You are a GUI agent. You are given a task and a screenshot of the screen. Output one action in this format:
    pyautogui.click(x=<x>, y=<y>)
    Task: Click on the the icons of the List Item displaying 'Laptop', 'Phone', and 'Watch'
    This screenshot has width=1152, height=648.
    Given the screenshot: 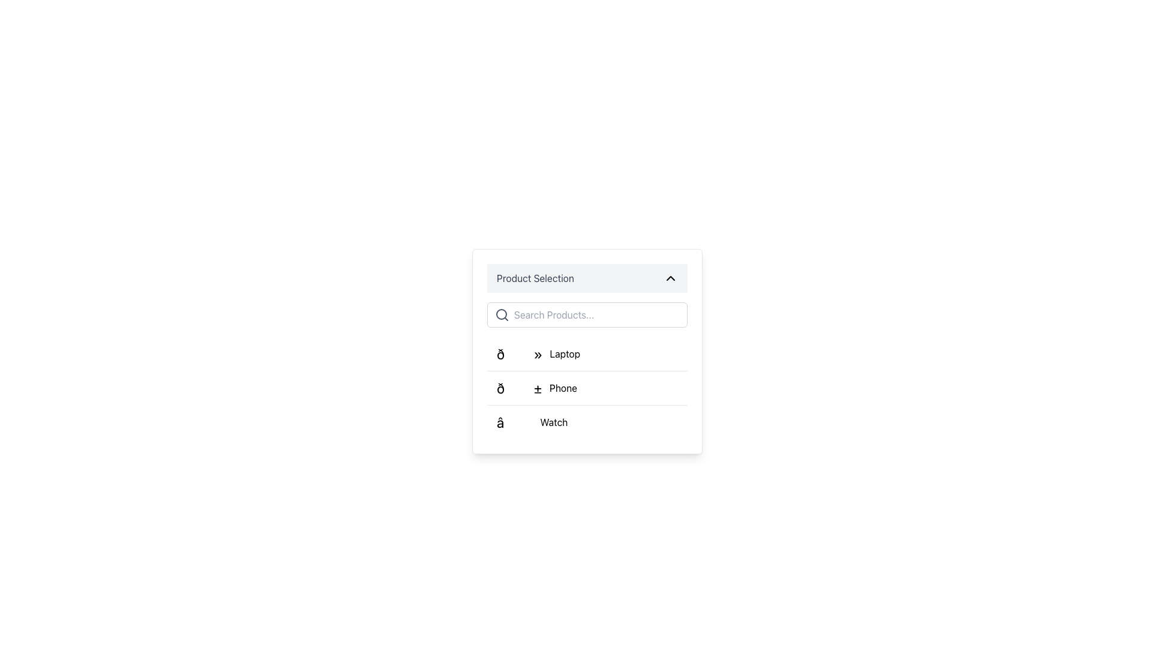 What is the action you would take?
    pyautogui.click(x=587, y=370)
    